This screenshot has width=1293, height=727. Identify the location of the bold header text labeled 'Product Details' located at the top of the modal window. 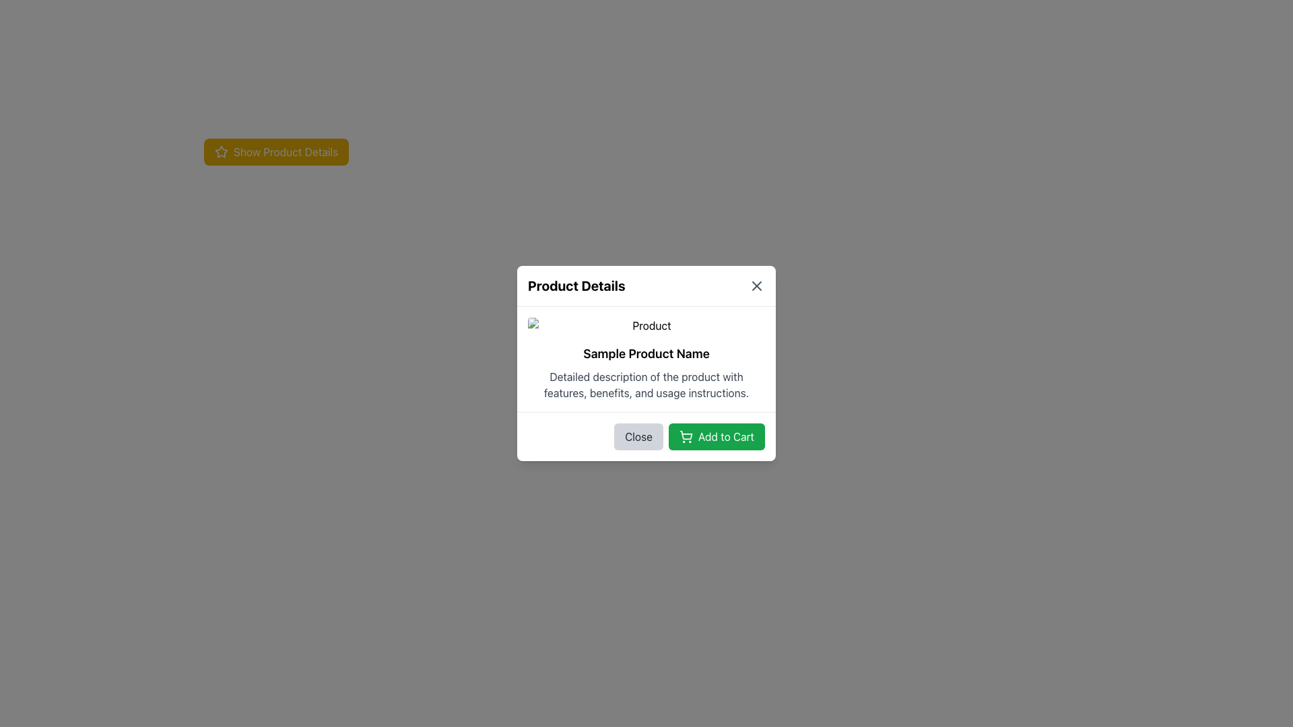
(576, 285).